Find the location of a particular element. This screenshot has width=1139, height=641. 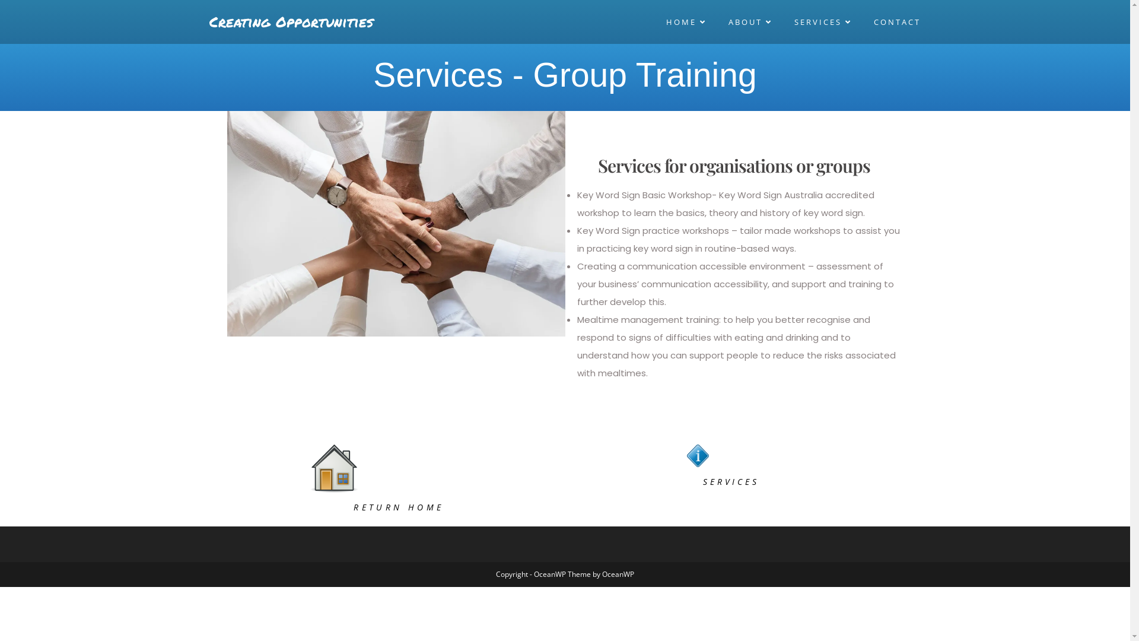

'ABOUT' is located at coordinates (751, 22).